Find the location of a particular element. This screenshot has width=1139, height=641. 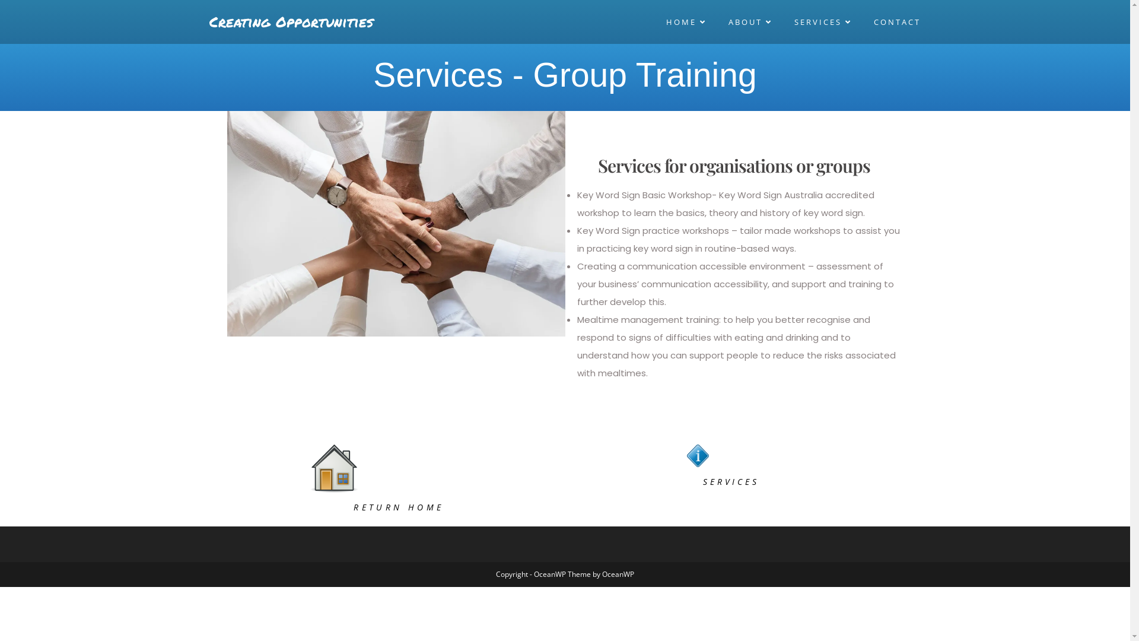

'ABOUT' is located at coordinates (751, 22).